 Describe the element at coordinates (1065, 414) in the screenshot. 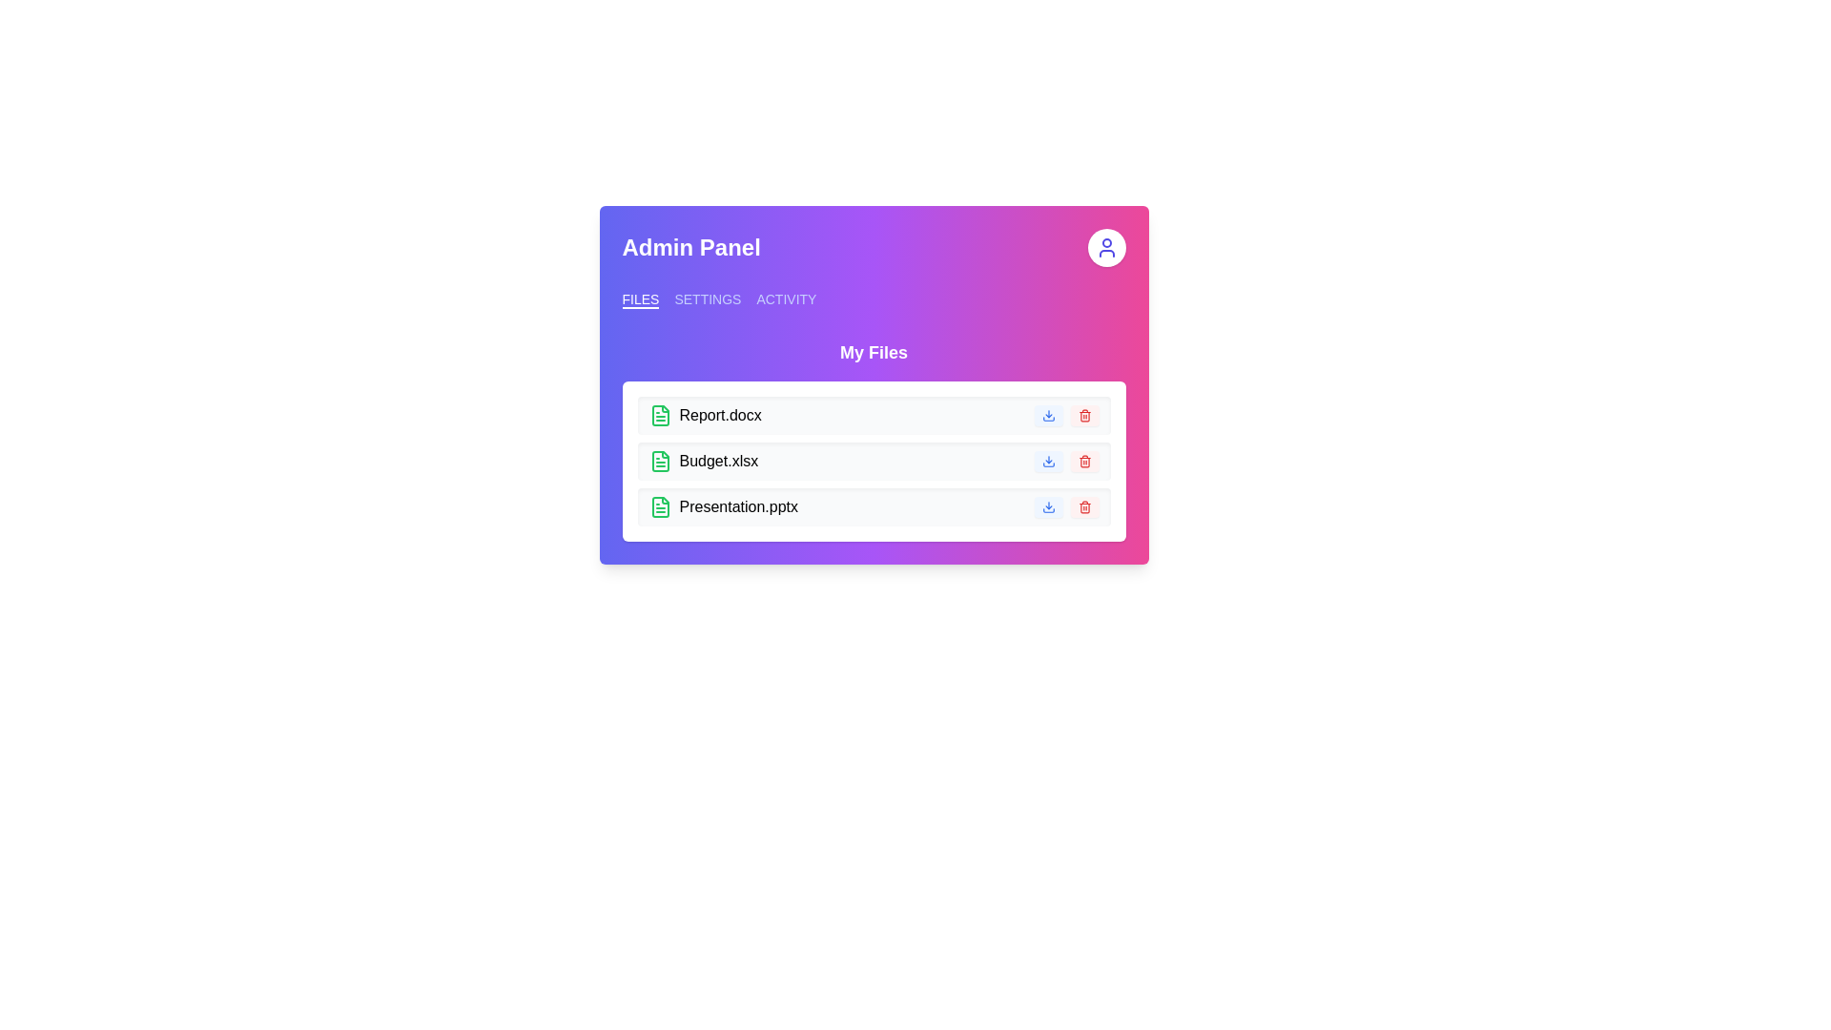

I see `the group of action buttons located on the right end of the row displaying 'Report.docx' in the 'My Files' section` at that location.